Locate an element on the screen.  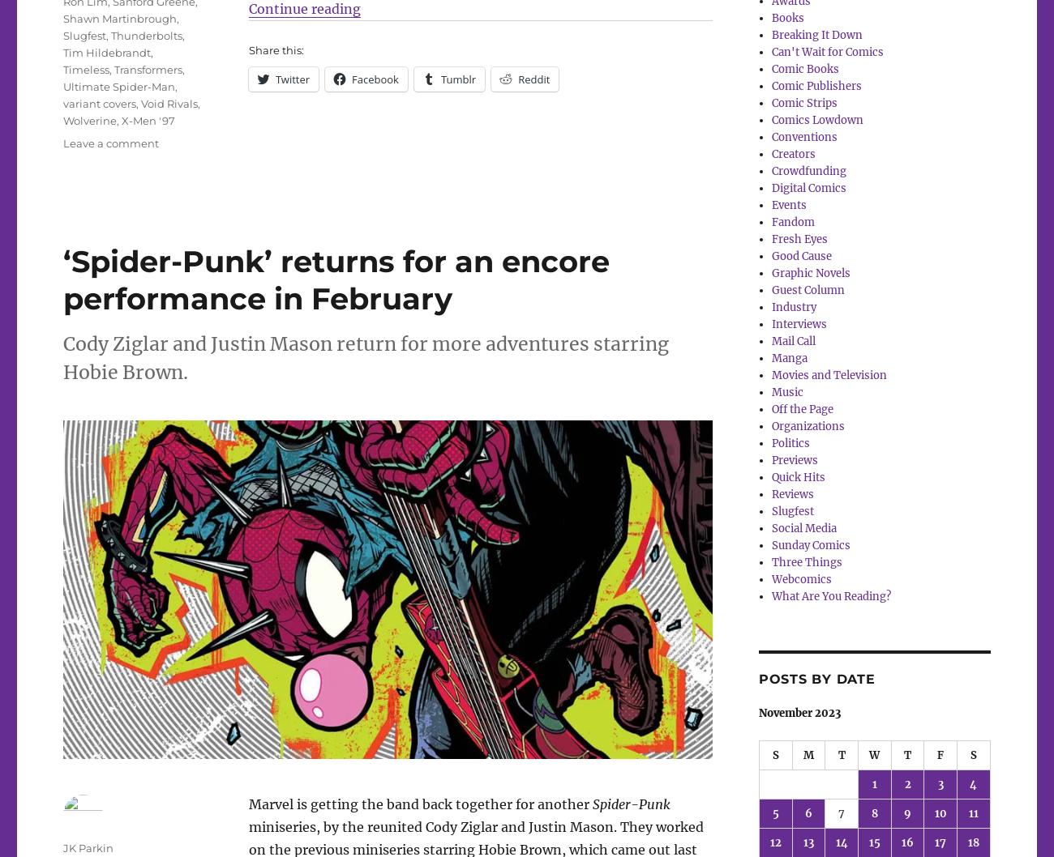
'4' is located at coordinates (972, 783).